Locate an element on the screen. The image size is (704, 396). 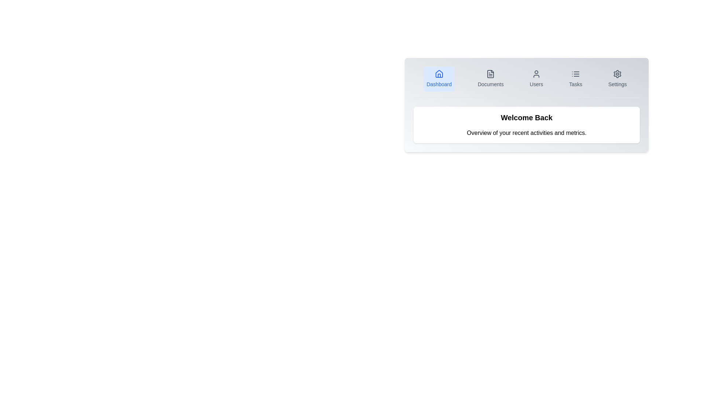
the 'Settings' button located is located at coordinates (617, 79).